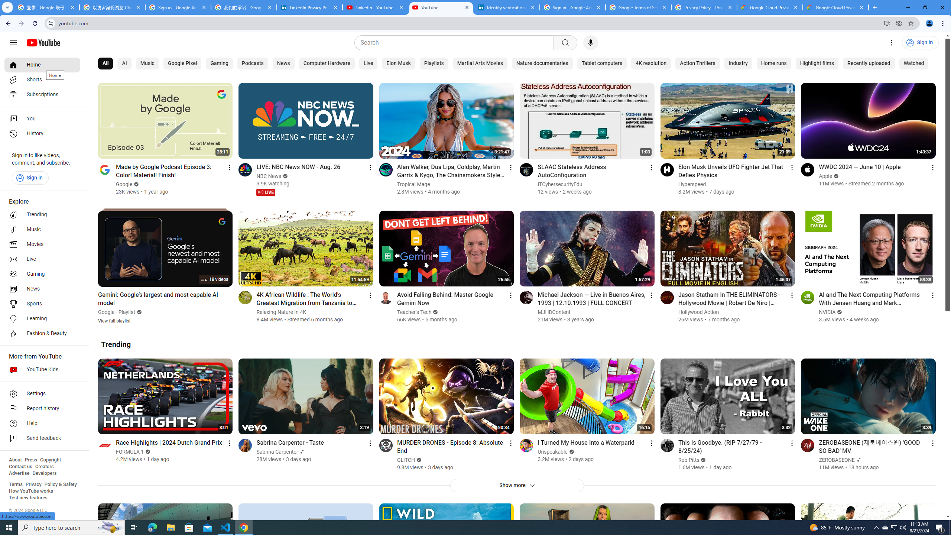  Describe the element at coordinates (298, 166) in the screenshot. I see `'LIVE: NBC News NOW - Aug. 26 by NBC News 61,506 views'` at that location.